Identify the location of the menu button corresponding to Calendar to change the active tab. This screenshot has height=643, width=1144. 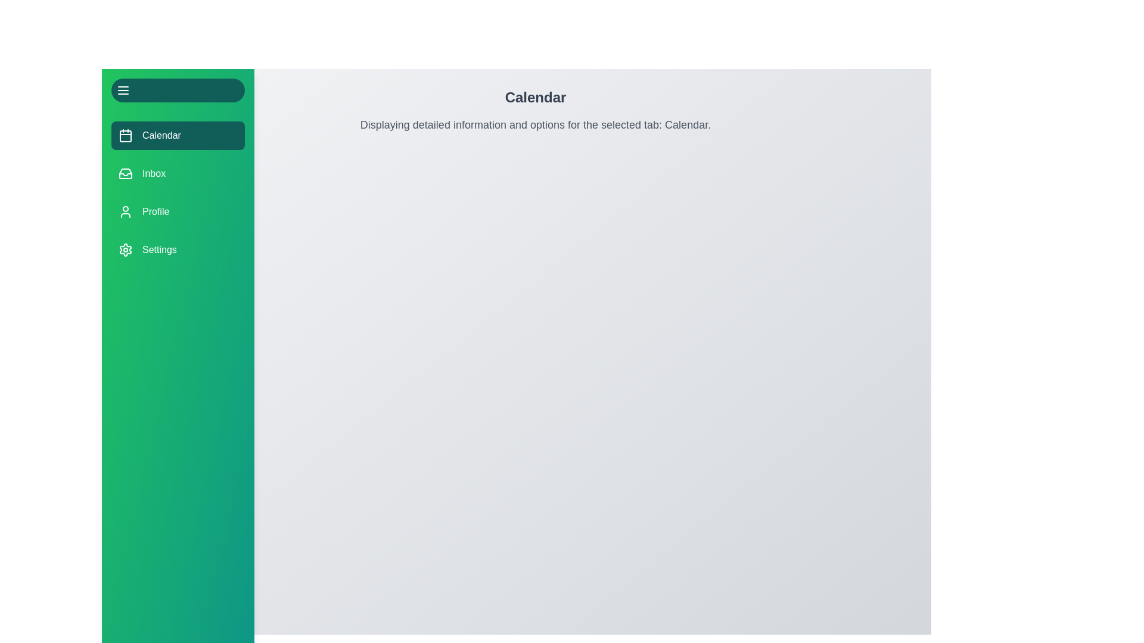
(177, 135).